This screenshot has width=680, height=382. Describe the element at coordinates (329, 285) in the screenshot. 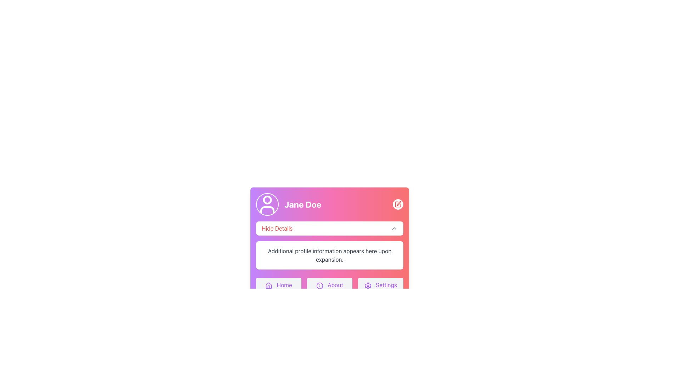

I see `the 'About' button, which is a rectangular button with rounded corners, featuring a light gray background and purple text` at that location.